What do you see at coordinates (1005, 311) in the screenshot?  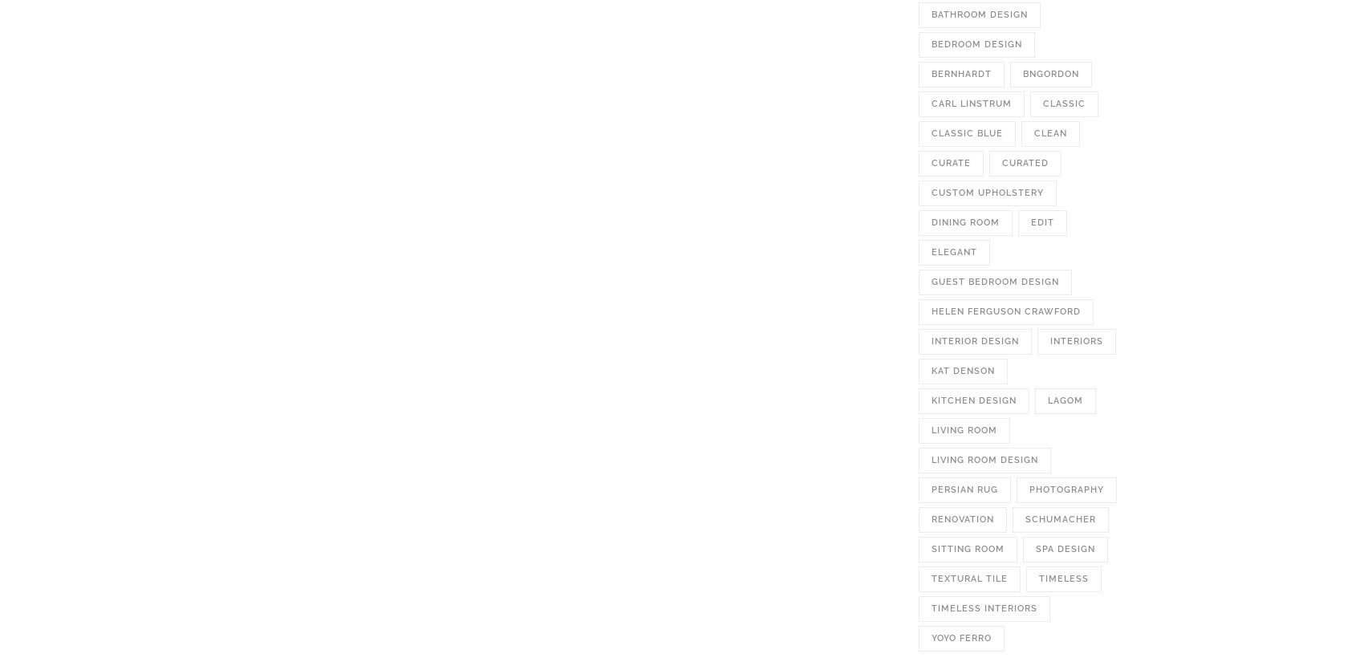 I see `'helen ferguson crawford'` at bounding box center [1005, 311].